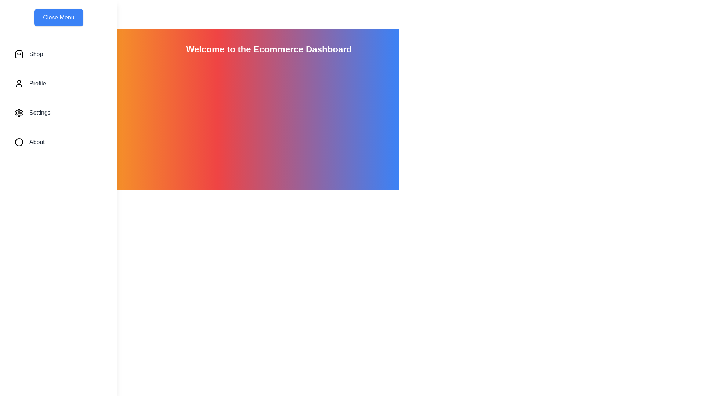 This screenshot has height=396, width=705. What do you see at coordinates (58, 142) in the screenshot?
I see `the menu item About to highlight it` at bounding box center [58, 142].